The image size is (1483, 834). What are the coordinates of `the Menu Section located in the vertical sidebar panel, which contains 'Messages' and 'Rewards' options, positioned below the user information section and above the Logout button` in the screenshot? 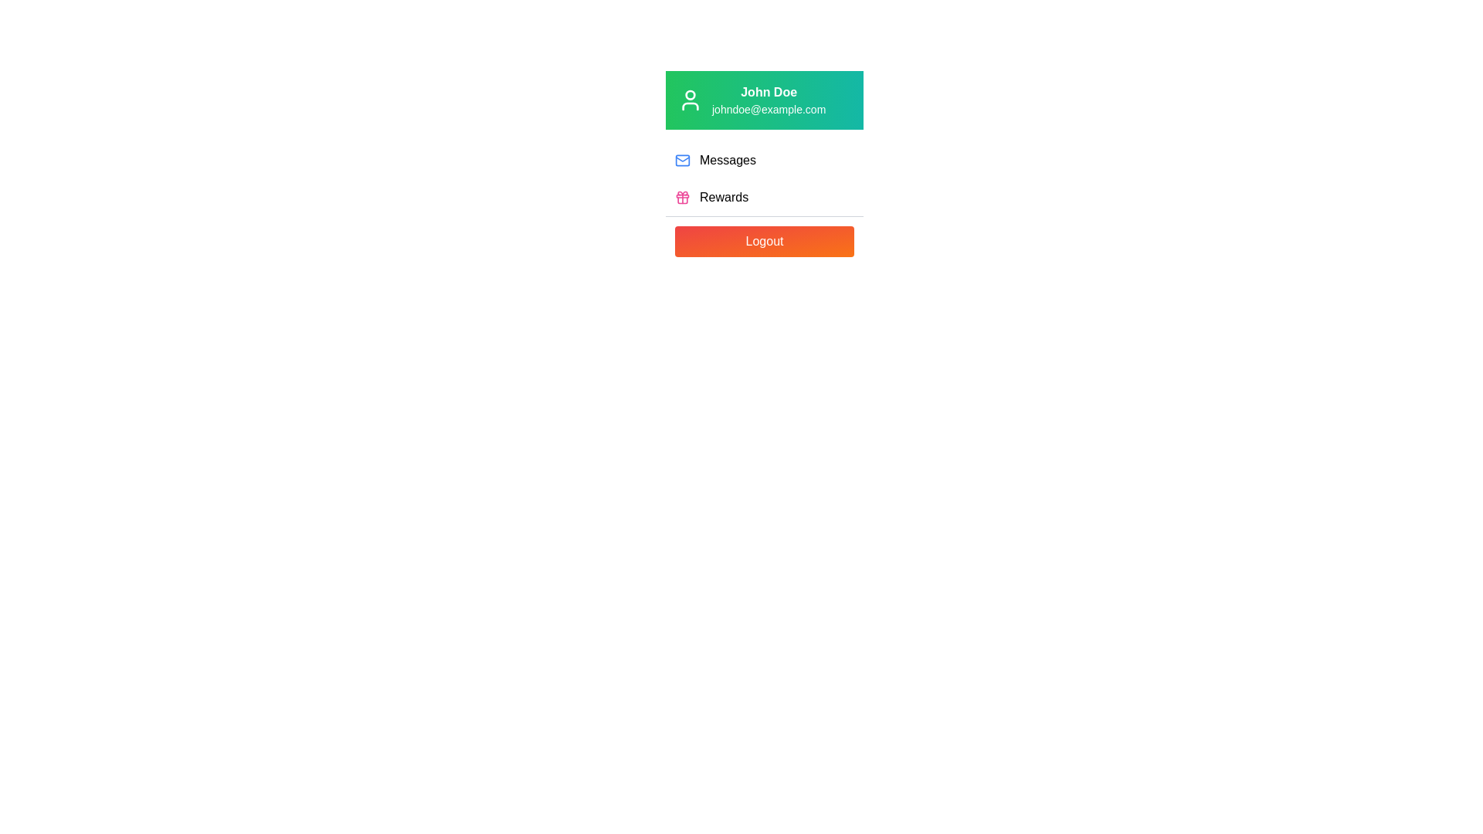 It's located at (764, 178).